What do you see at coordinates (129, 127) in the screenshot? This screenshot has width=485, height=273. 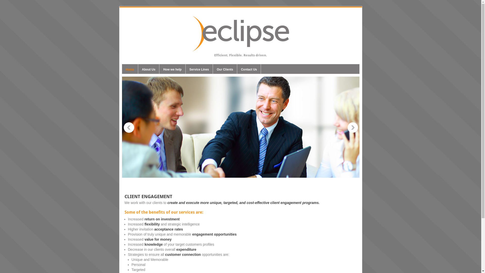 I see `'Previous'` at bounding box center [129, 127].